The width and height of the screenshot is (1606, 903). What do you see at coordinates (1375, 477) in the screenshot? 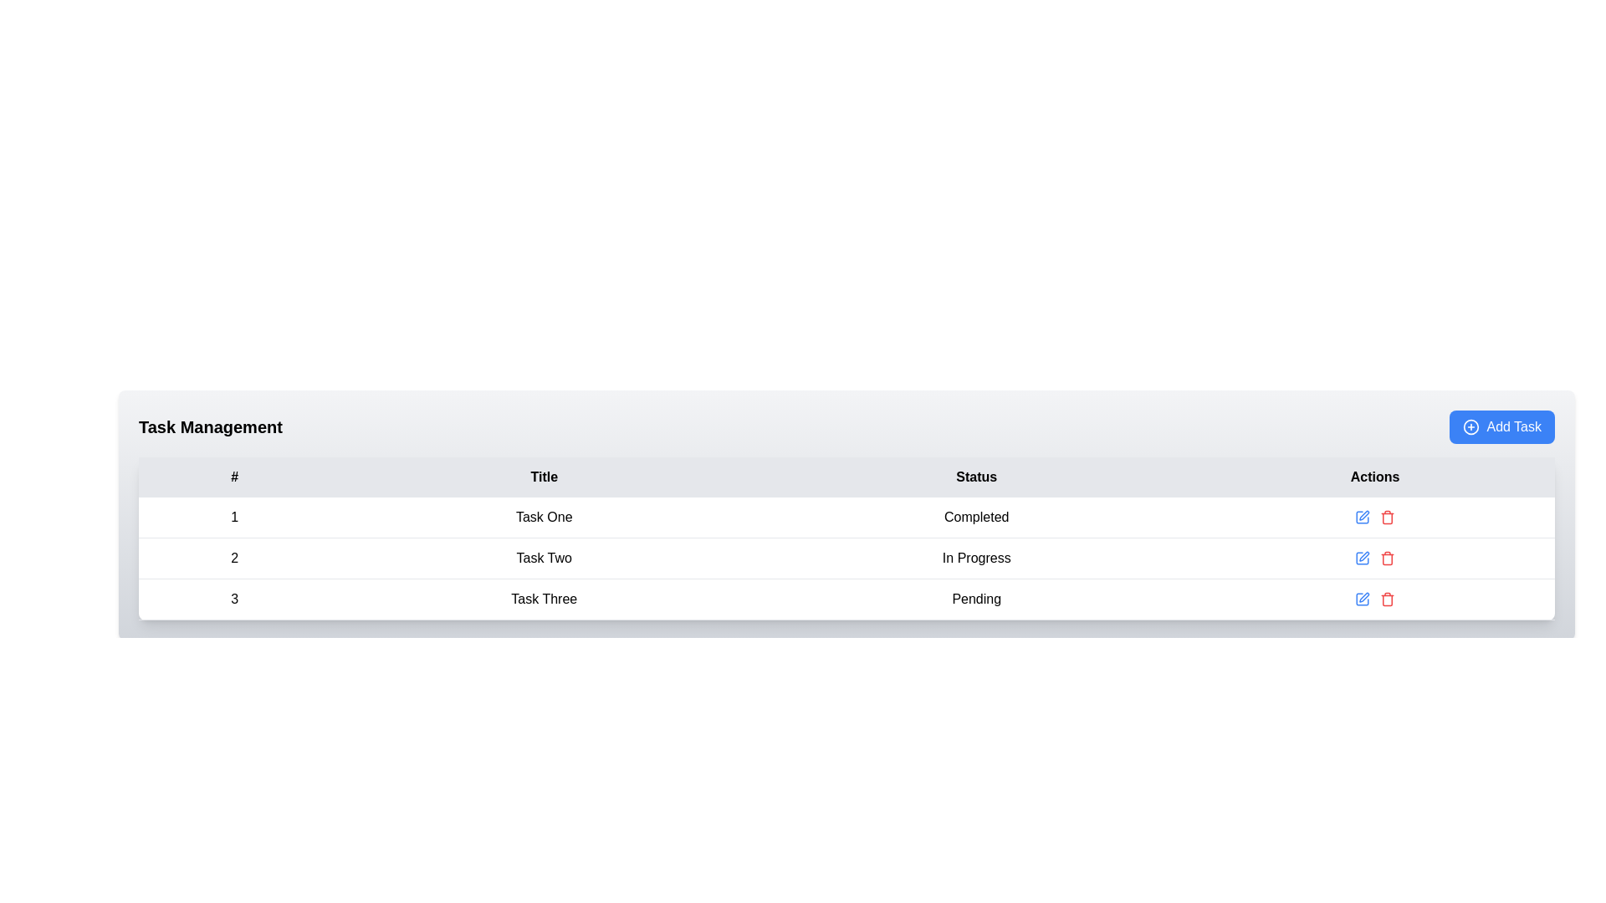
I see `the header Text label located in the rightmost column of the table structure, which follows the headers labeled '#', 'Title', and 'Status'` at bounding box center [1375, 477].